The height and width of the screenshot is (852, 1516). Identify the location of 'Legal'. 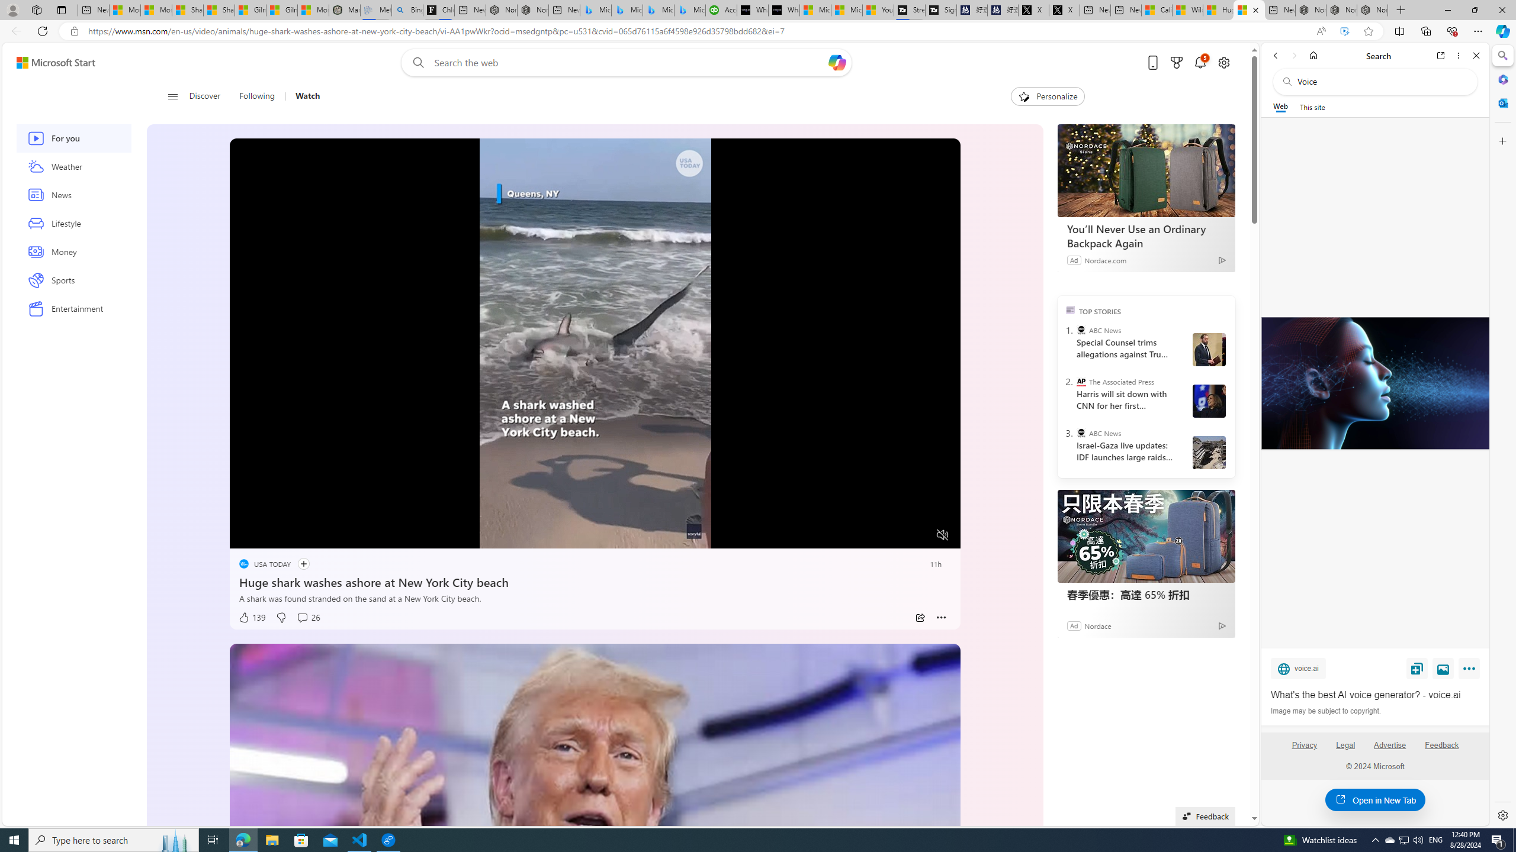
(1345, 750).